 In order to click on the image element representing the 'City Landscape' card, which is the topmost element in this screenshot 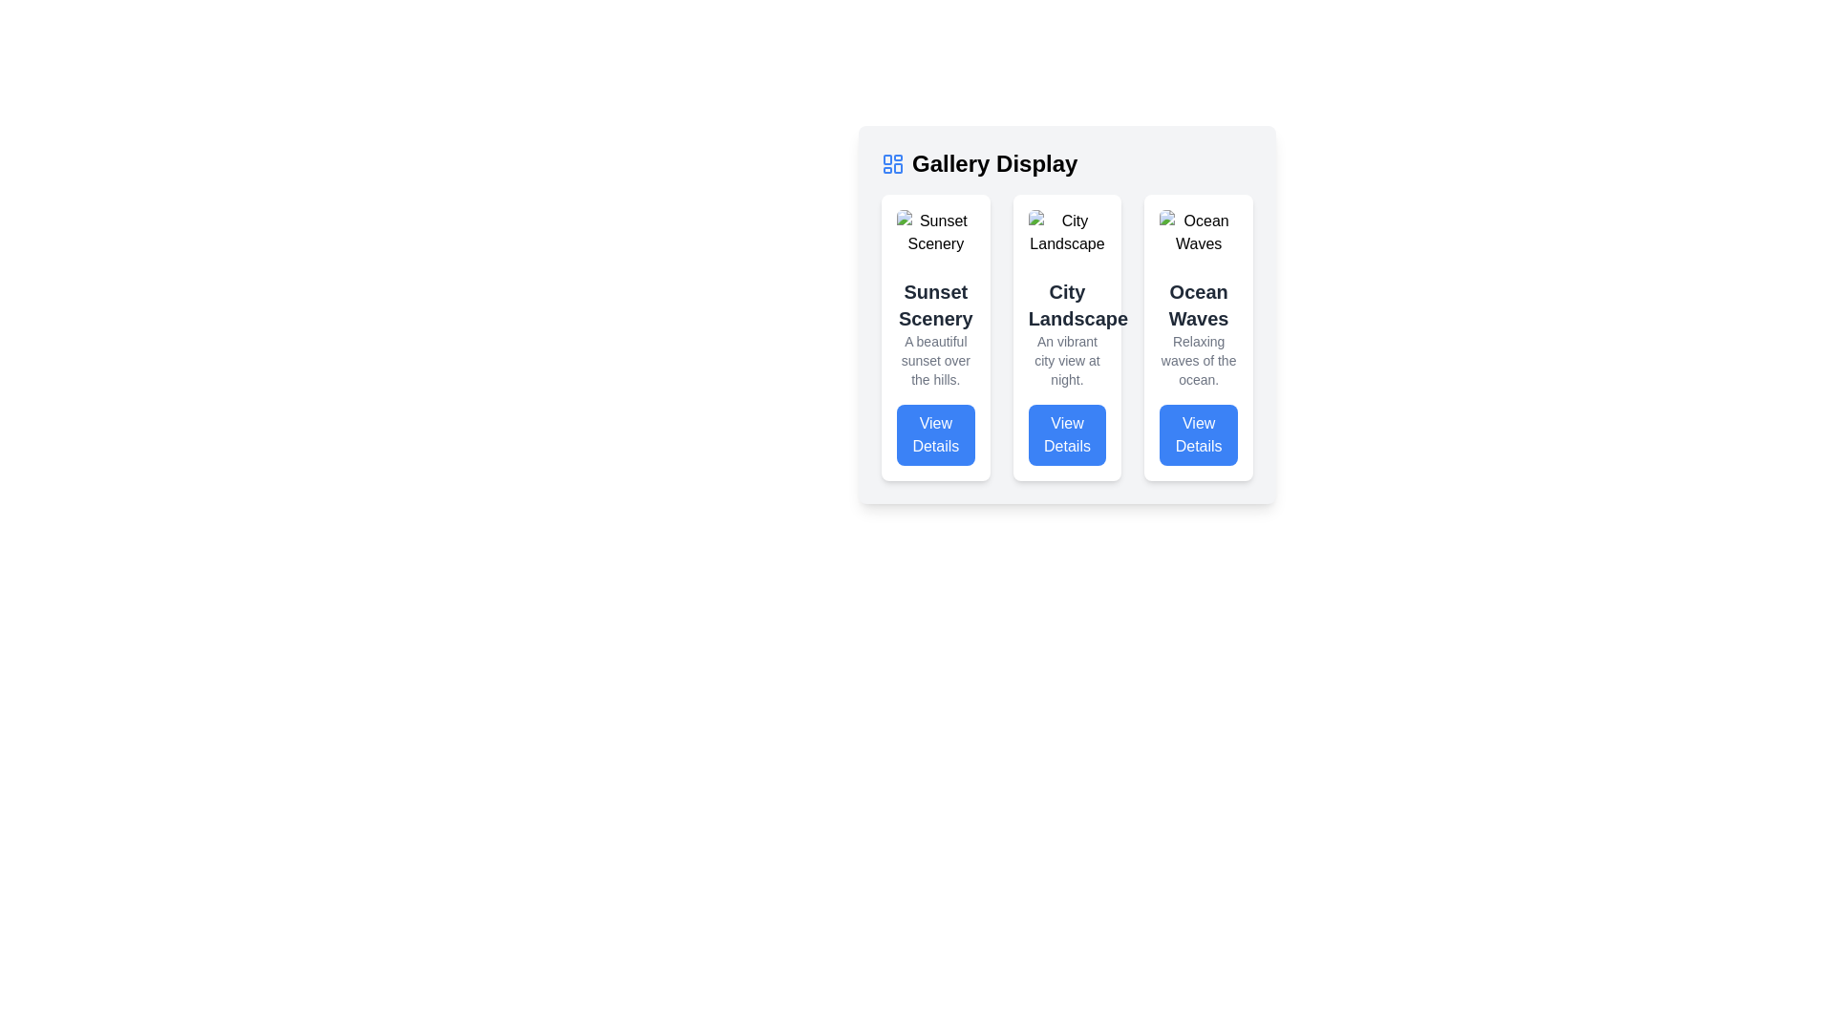, I will do `click(1066, 231)`.